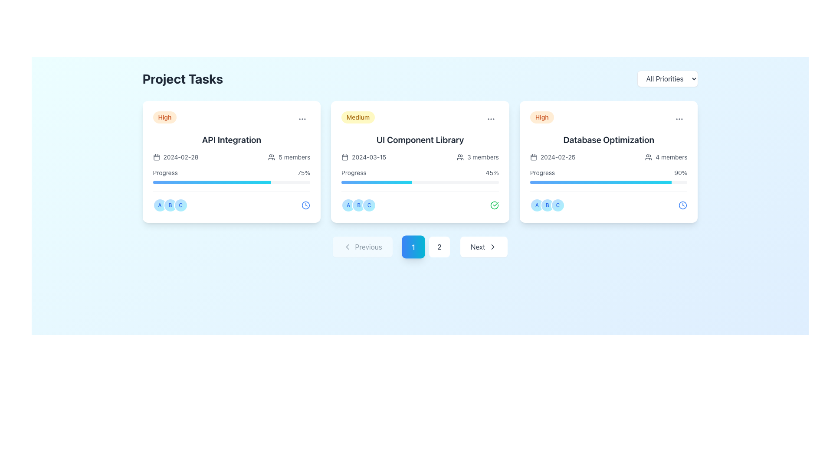 This screenshot has width=833, height=468. What do you see at coordinates (536, 205) in the screenshot?
I see `the first circular badge labeled 'A' for selection or navigation in the 'Database Optimization' task card` at bounding box center [536, 205].